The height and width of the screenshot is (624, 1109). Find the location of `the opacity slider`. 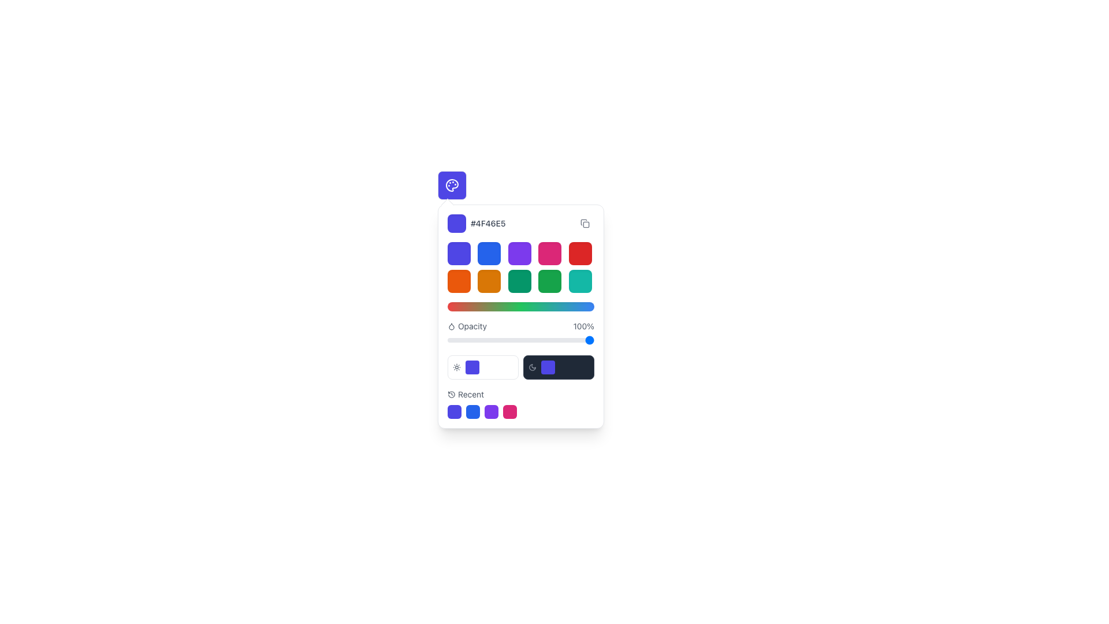

the opacity slider is located at coordinates (466, 340).